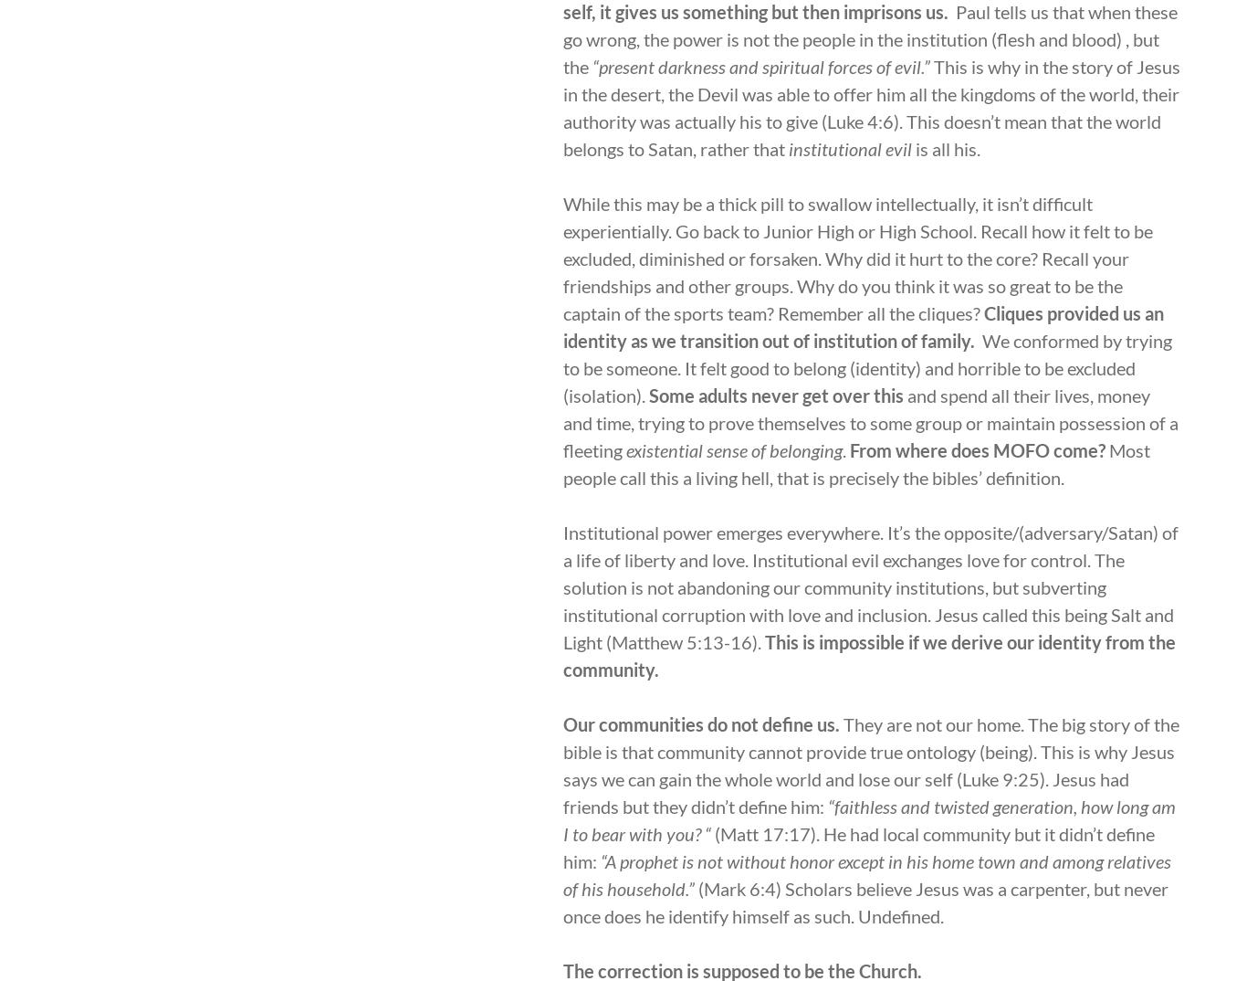 Image resolution: width=1247 pixels, height=981 pixels. What do you see at coordinates (867, 367) in the screenshot?
I see `'We conformed by trying to be someone. It felt good to belong (identity) and horrible to be excluded (isolation).'` at bounding box center [867, 367].